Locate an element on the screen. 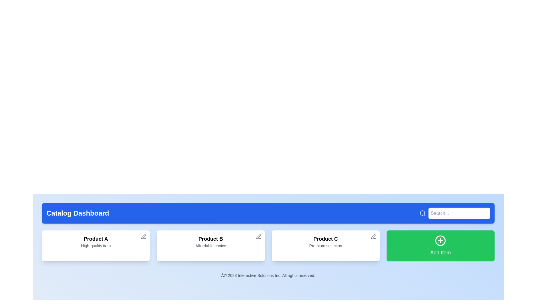 This screenshot has height=308, width=547. the bold, blue-shaded header text displaying 'Catalog Dashboard' located in the top bar of the application is located at coordinates (77, 213).